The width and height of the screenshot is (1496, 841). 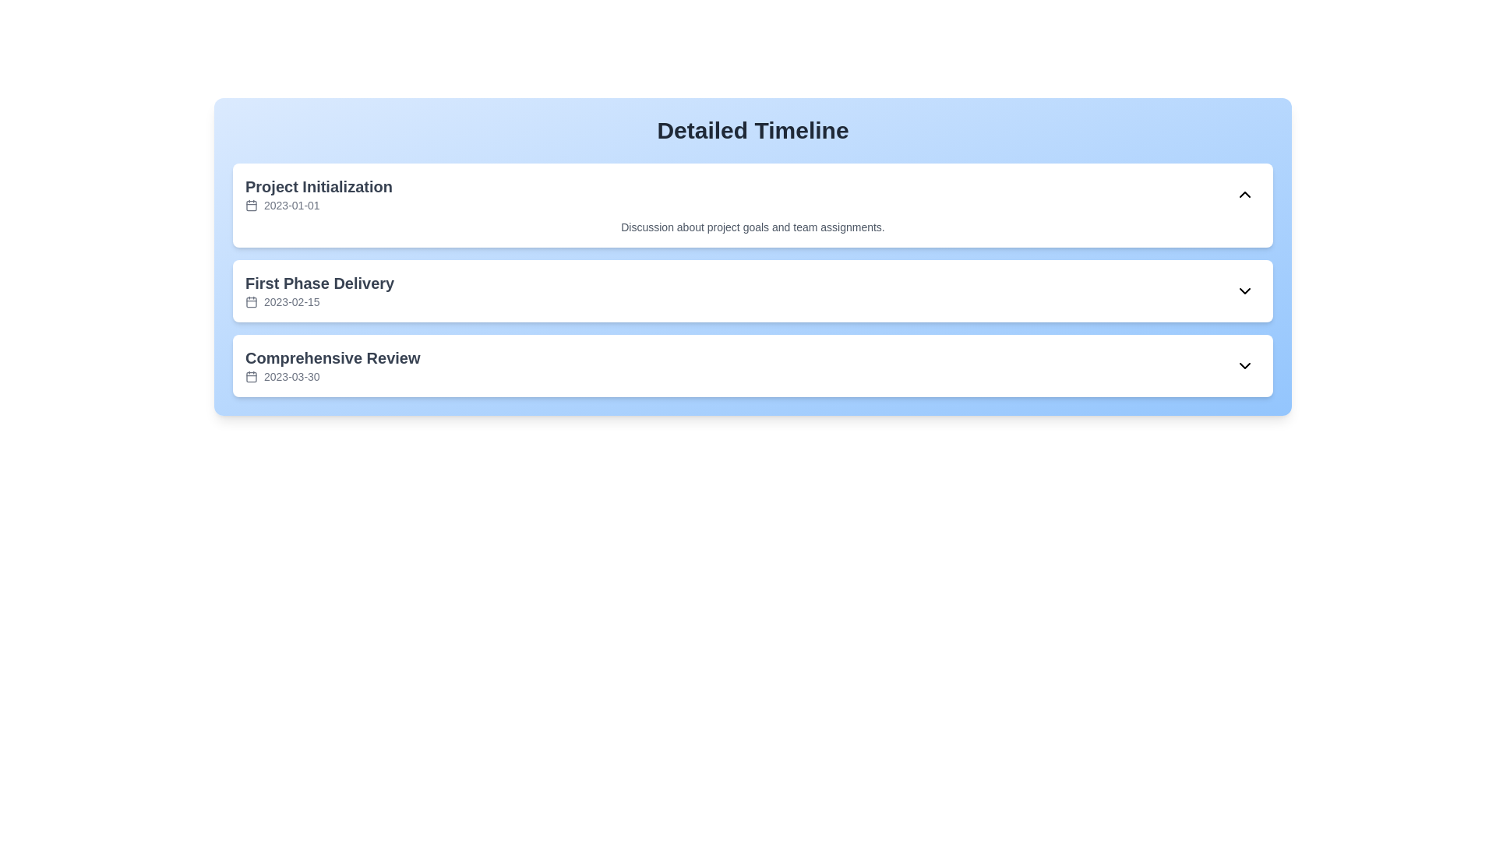 I want to click on date displayed in the text label showing 'February 15, 2023', positioned below the heading 'First Phase Delivery' within its timeline card, so click(x=291, y=302).